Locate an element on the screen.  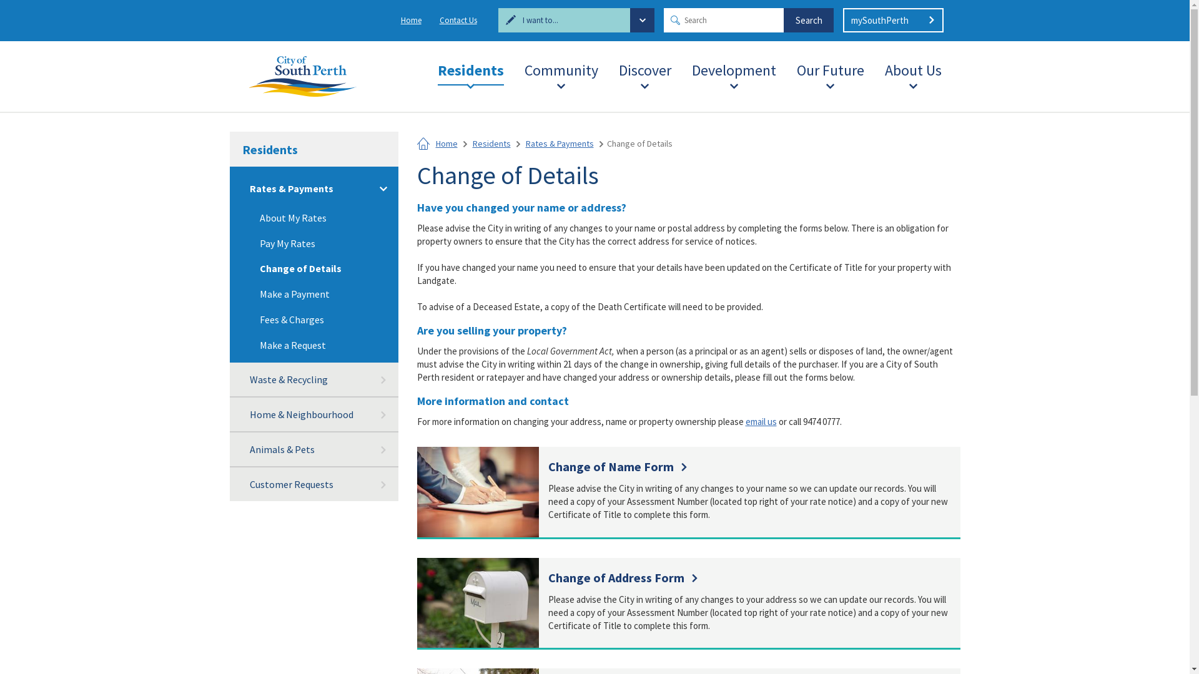
'mySouthPerth' is located at coordinates (892, 20).